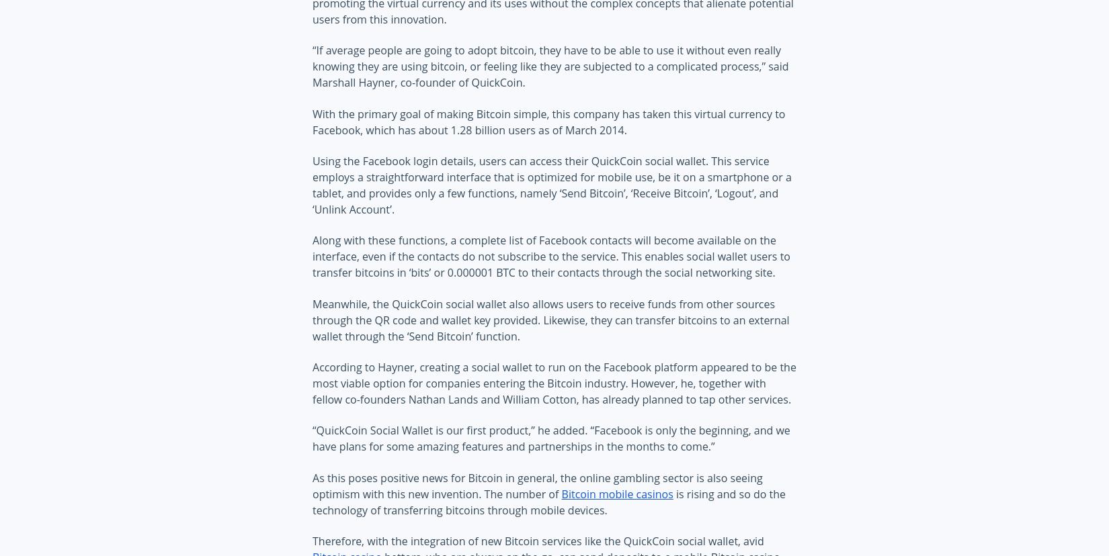 The height and width of the screenshot is (556, 1109). I want to click on 'Bitcoin mobile casinos', so click(617, 493).